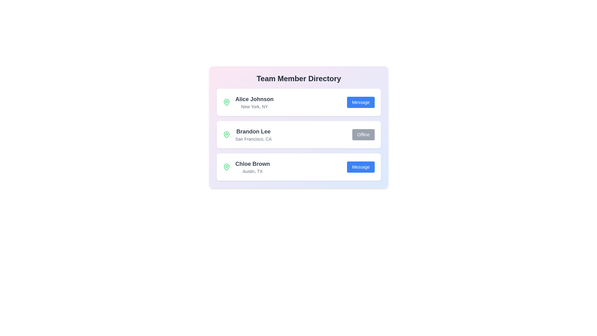  Describe the element at coordinates (226, 134) in the screenshot. I see `the map pin icon for Brandon Lee` at that location.